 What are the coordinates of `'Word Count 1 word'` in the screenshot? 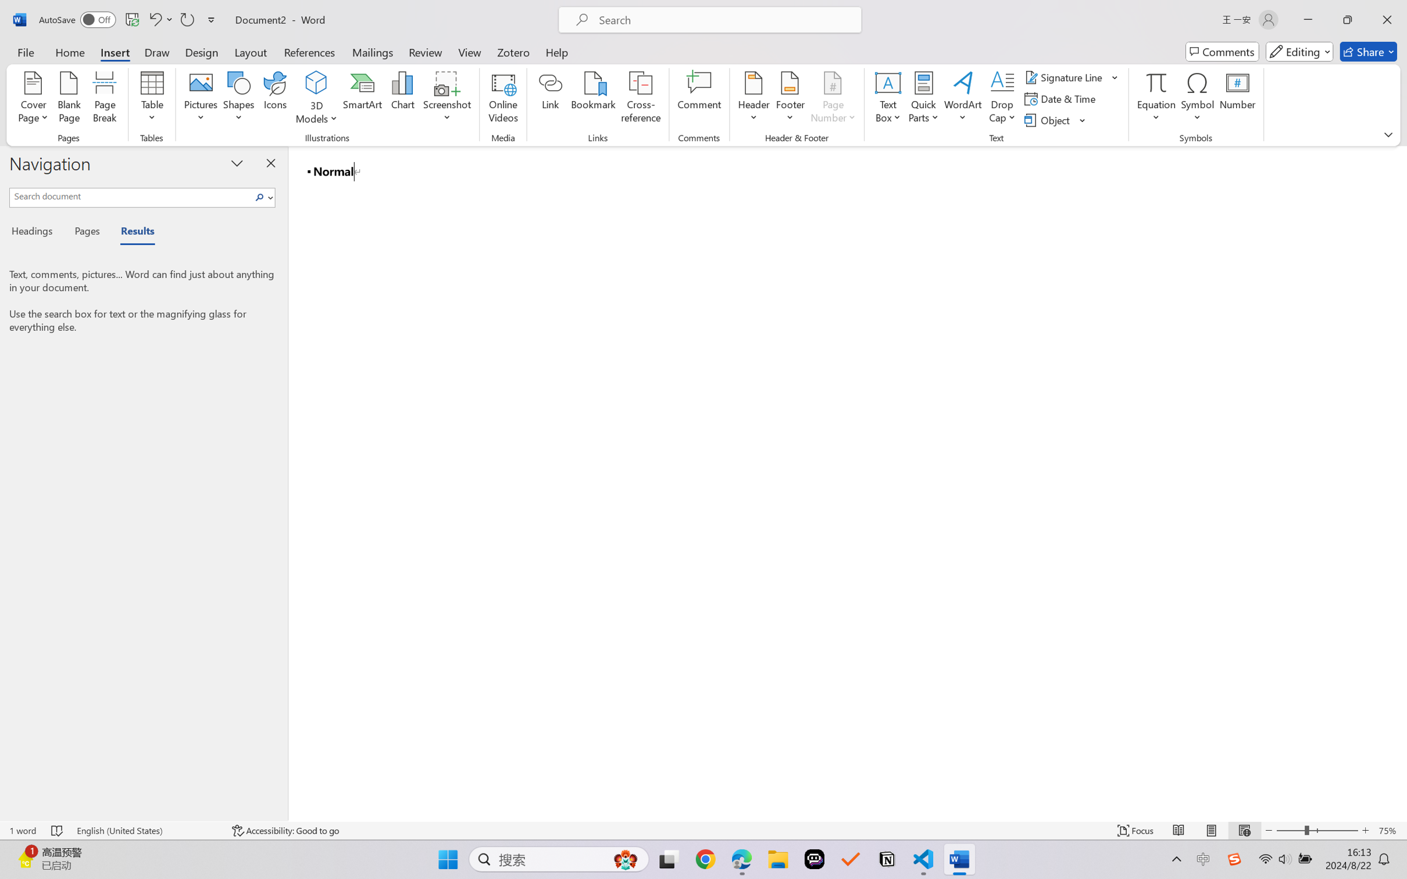 It's located at (22, 830).